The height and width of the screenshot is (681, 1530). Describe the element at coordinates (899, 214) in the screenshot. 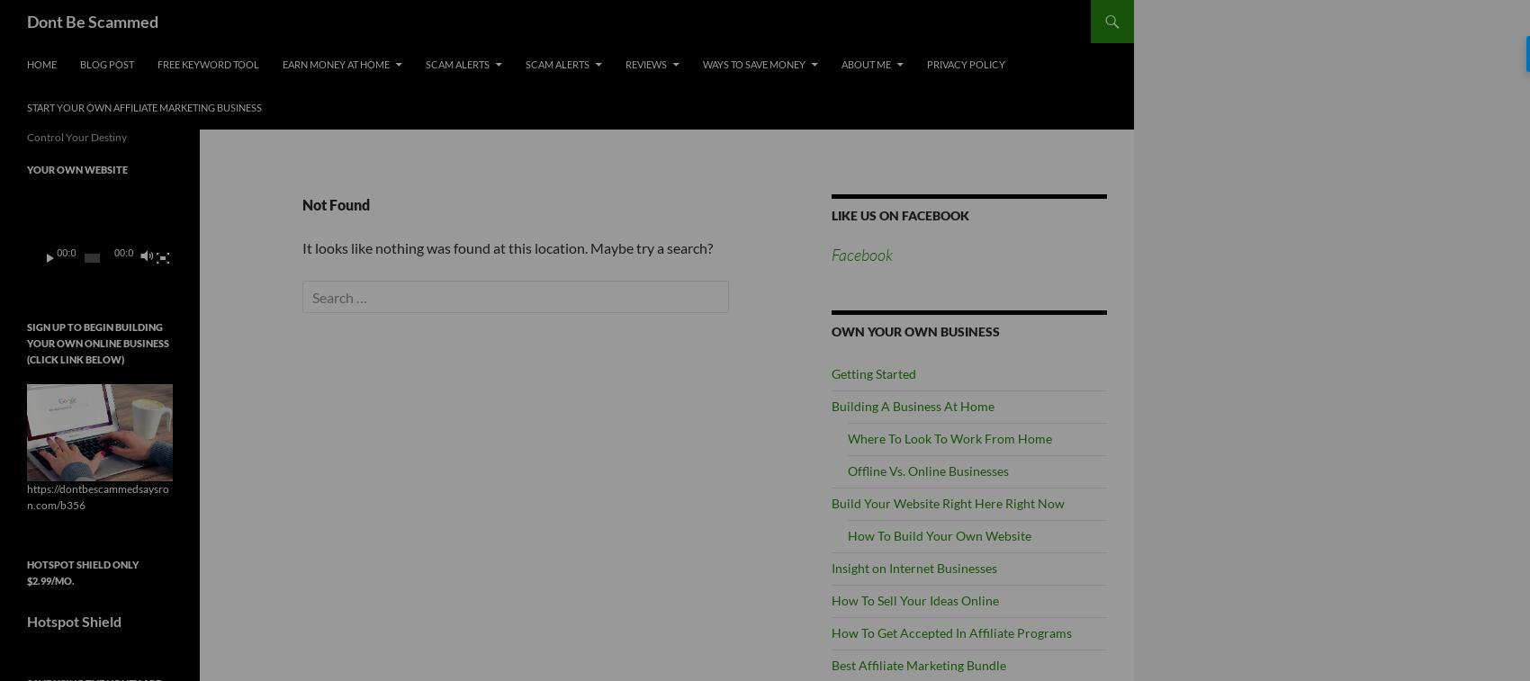

I see `'Like Us On Facebook'` at that location.